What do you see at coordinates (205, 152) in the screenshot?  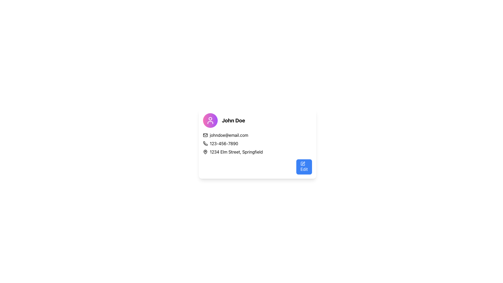 I see `the pin icon that represents a location, positioned to the left of the text '1234 Elm Street, Springfield' in the bottom-left portion of the card` at bounding box center [205, 152].